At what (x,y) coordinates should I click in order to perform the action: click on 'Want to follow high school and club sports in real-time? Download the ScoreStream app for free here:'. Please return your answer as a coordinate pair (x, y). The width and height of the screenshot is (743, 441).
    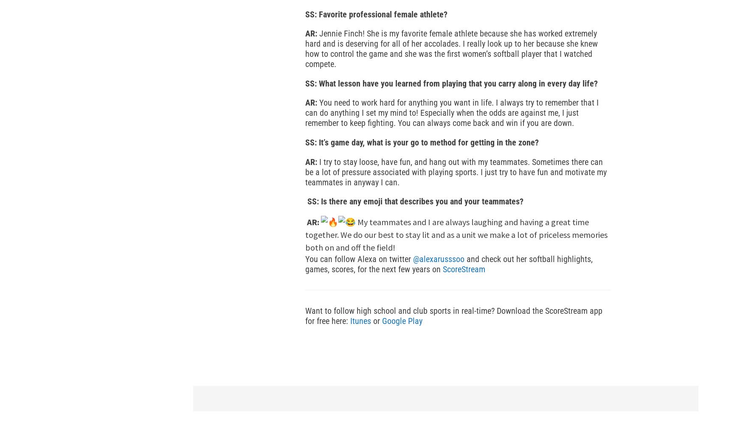
    Looking at the image, I should click on (454, 315).